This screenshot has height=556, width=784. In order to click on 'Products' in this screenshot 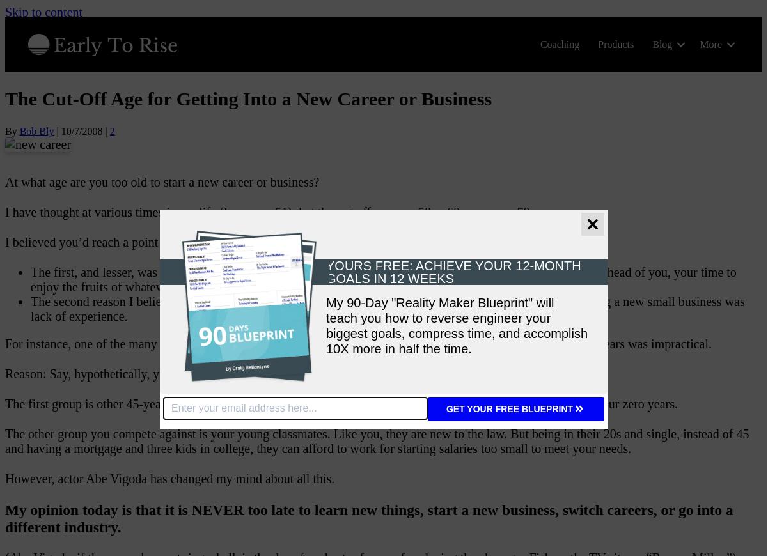, I will do `click(615, 43)`.